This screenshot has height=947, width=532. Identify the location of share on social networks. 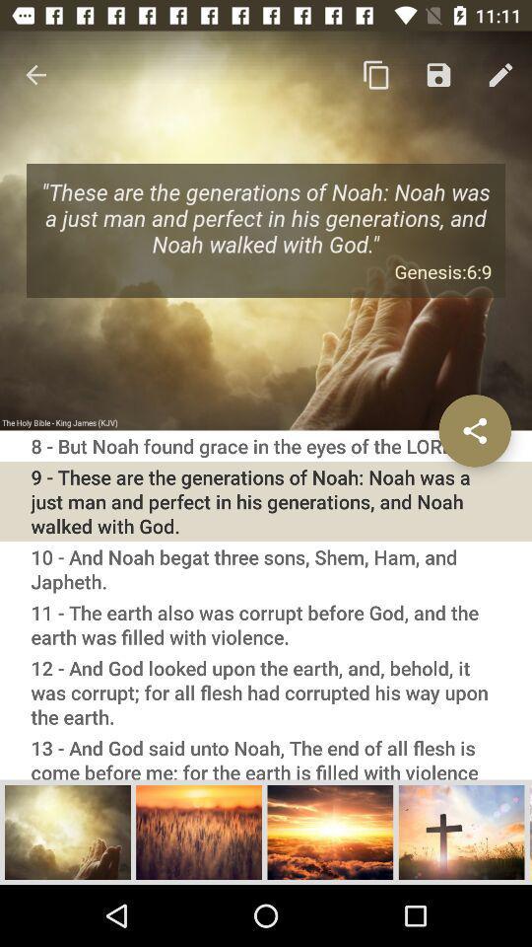
(474, 430).